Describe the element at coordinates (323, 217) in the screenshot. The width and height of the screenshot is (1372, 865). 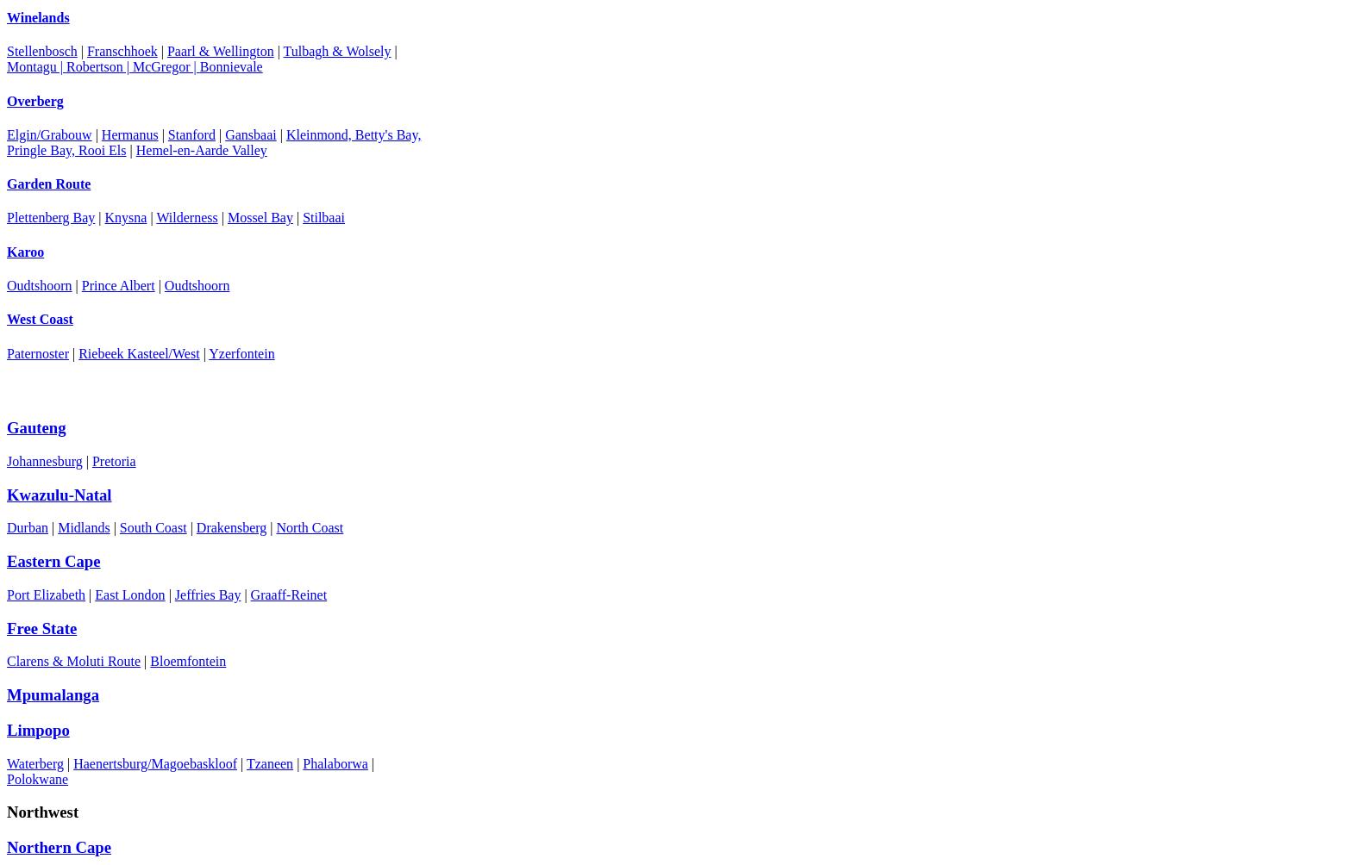
I see `'Stilbaai'` at that location.